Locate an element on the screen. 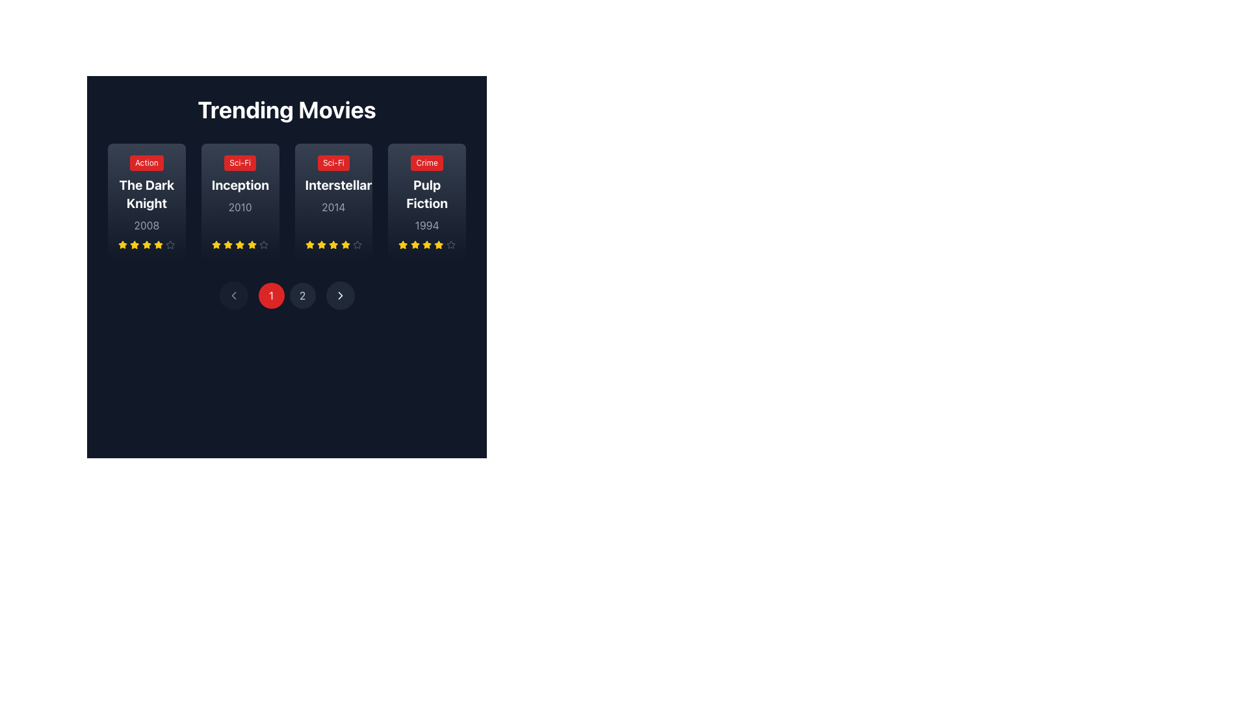 This screenshot has width=1248, height=702. the fifth star icon in the 5-star rating system for the movie 'Inception' located in the second column underneath the movie title and release year is located at coordinates (252, 244).